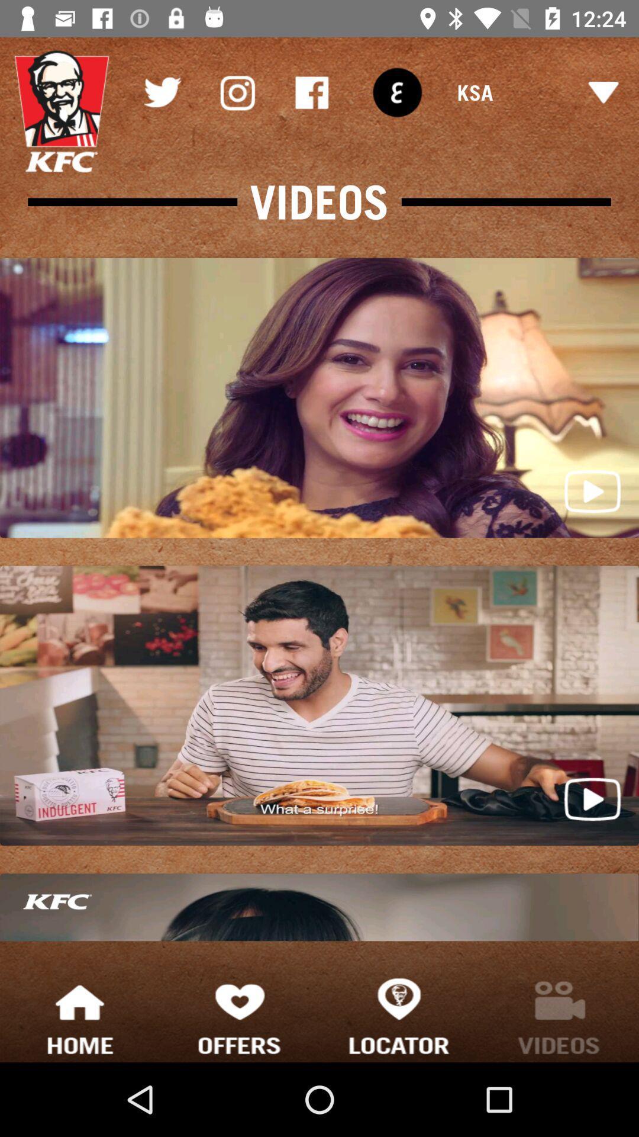 The width and height of the screenshot is (639, 1137). I want to click on the item above videos, so click(397, 92).